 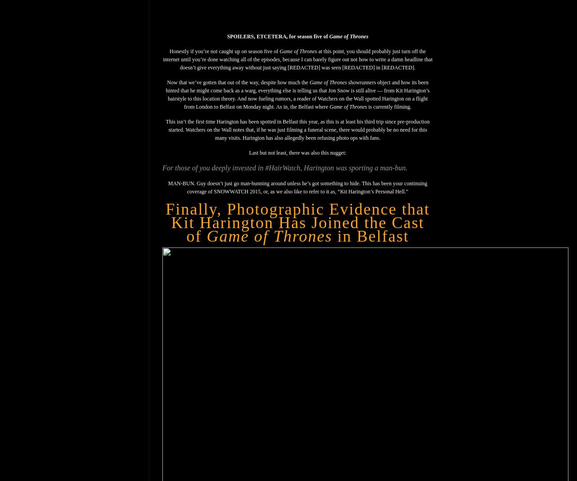 I want to click on 'in Belfast', so click(x=369, y=236).